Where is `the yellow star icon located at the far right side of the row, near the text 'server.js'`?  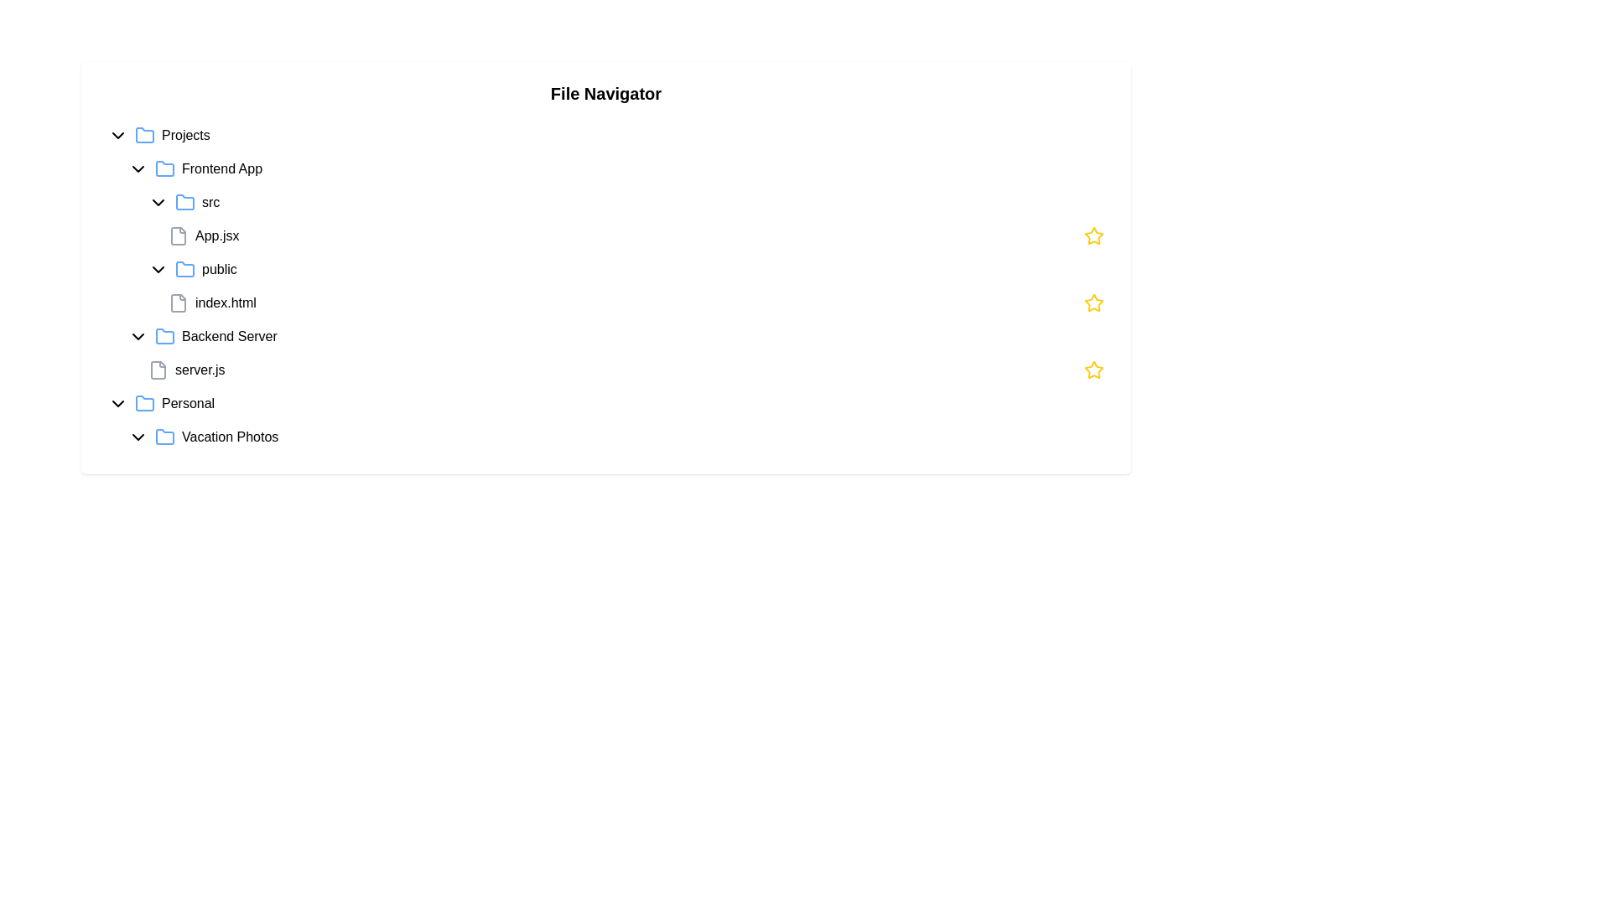
the yellow star icon located at the far right side of the row, near the text 'server.js' is located at coordinates (1094, 370).